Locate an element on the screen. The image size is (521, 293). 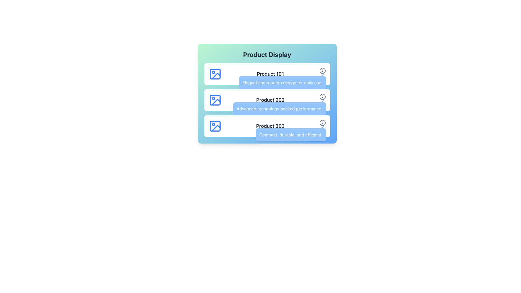
the Text Display element showing 'Product 303' with a description 'Compact, durable, and efficient' located in the third row of product displays is located at coordinates (270, 126).